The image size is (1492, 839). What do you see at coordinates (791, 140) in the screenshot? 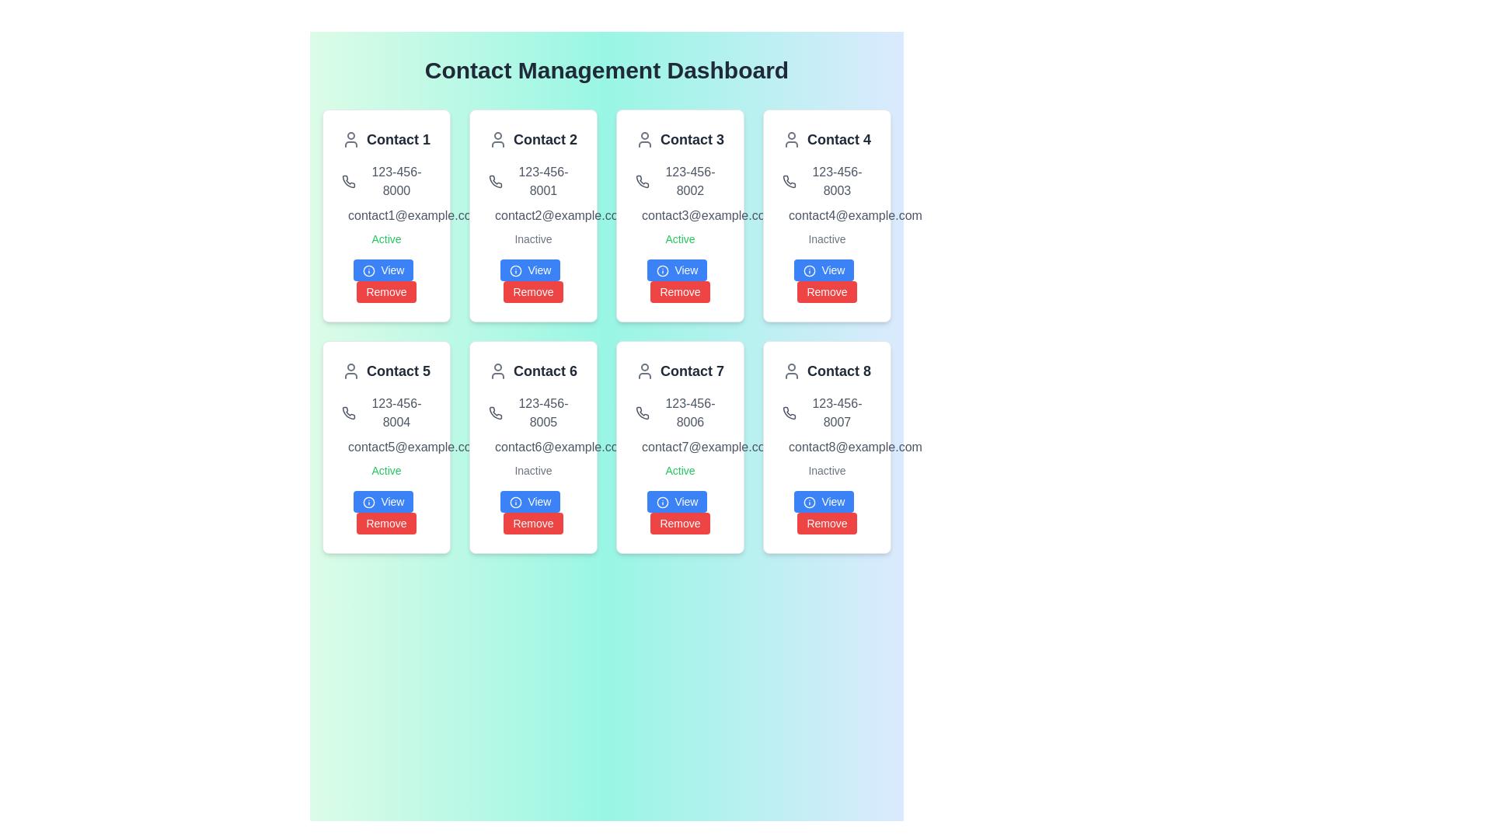
I see `the user profile silhouette icon located at the top-left corner of the 'Contact 4' card in the Contact Management Dashboard` at bounding box center [791, 140].